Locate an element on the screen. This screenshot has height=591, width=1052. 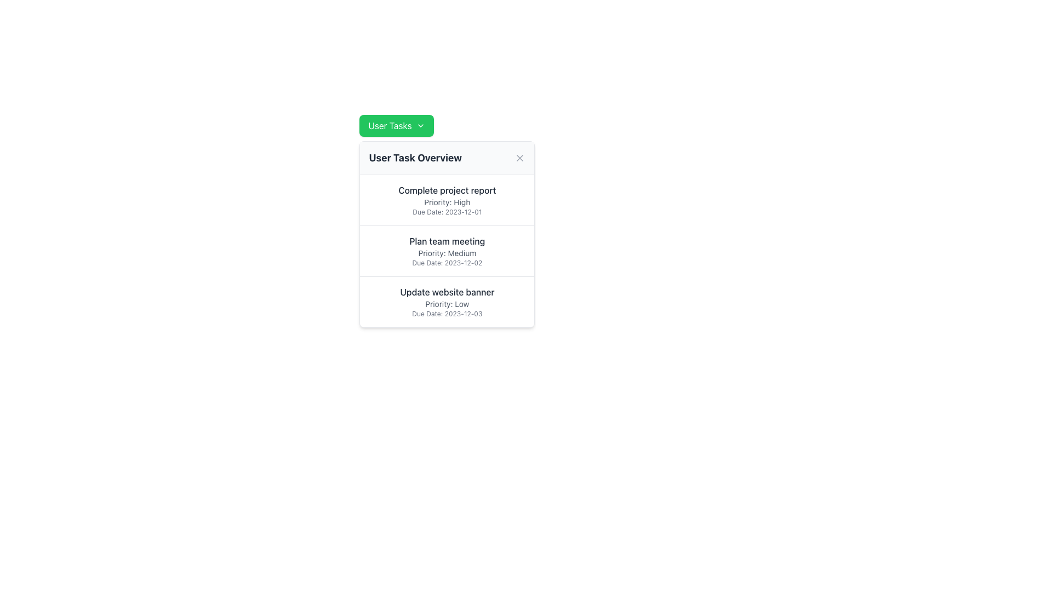
the task item display for 'Plan team meeting' located under 'User Task Overview' is located at coordinates (447, 251).